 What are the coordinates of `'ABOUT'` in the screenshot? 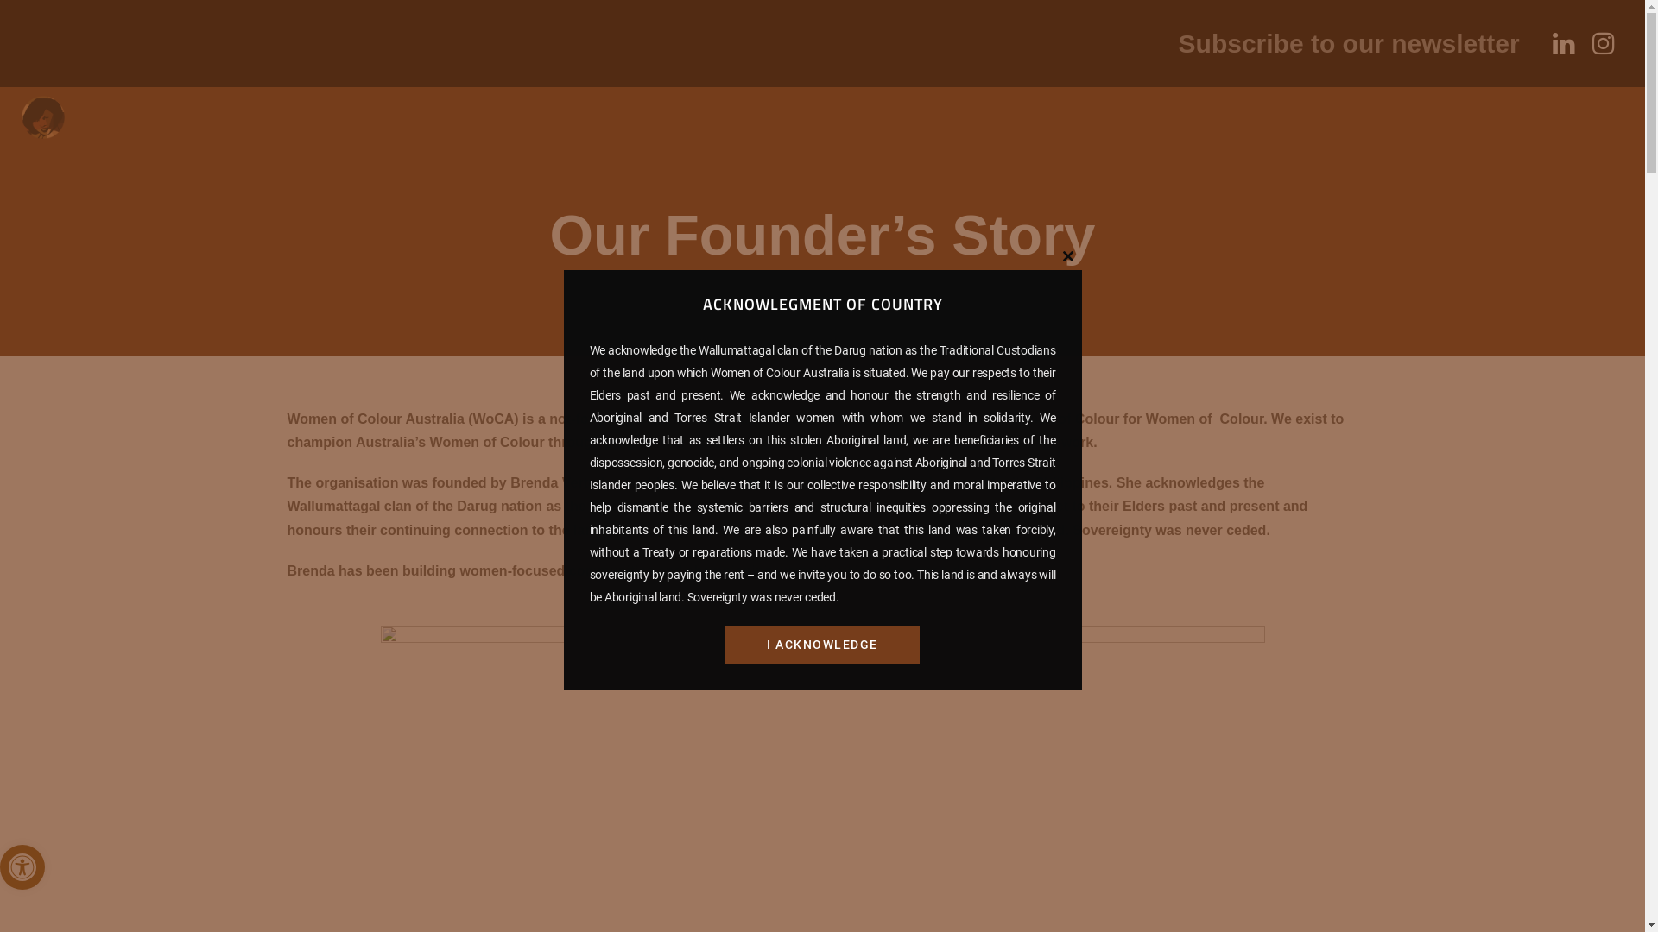 It's located at (205, 128).